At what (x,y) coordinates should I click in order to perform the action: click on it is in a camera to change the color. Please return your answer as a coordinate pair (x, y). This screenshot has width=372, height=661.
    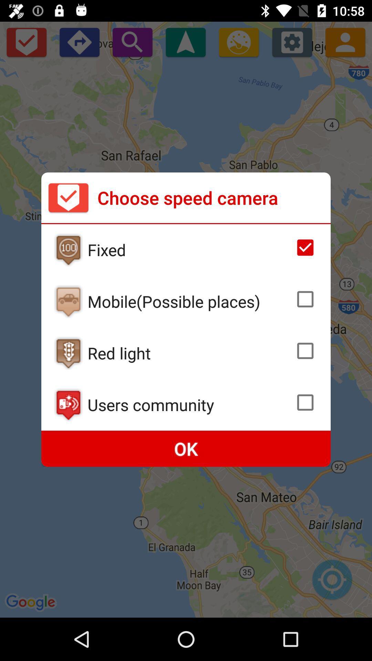
    Looking at the image, I should click on (68, 353).